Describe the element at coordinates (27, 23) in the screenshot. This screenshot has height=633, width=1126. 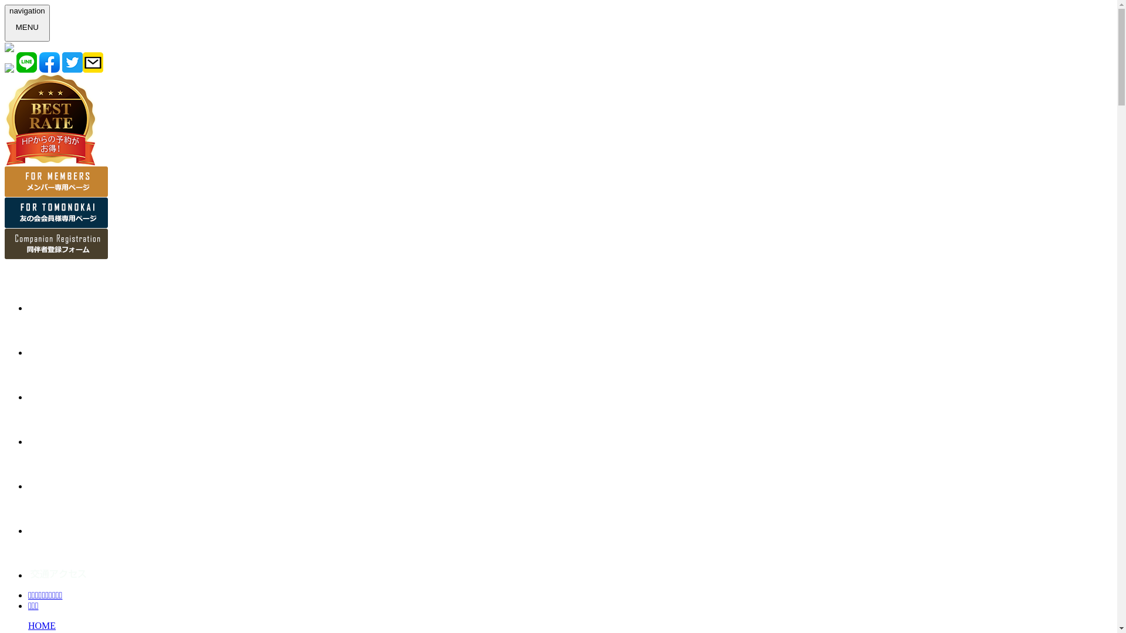
I see `'navigation` at that location.